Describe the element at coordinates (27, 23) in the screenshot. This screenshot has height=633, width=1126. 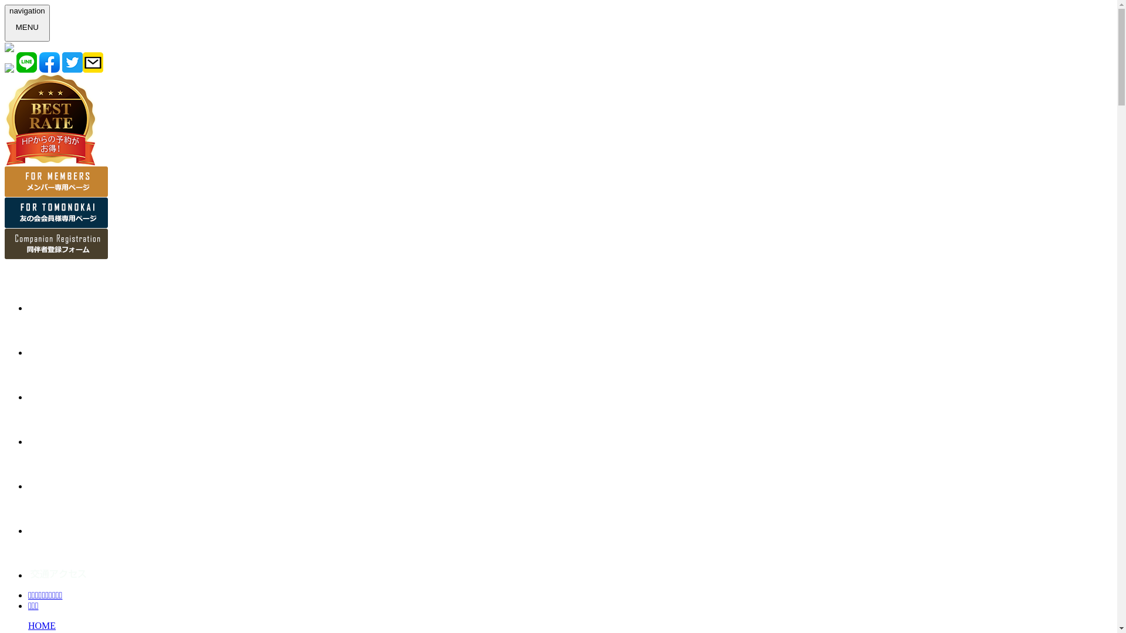
I see `'navigation` at that location.